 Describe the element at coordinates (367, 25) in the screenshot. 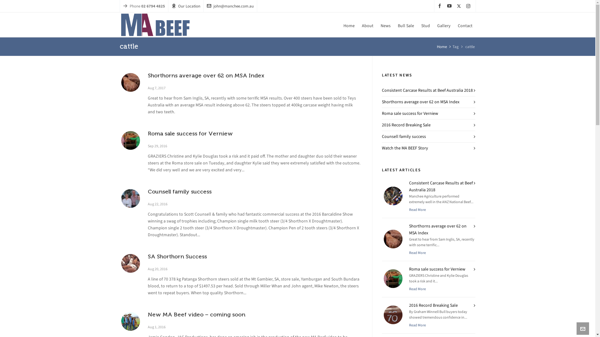

I see `'About'` at that location.